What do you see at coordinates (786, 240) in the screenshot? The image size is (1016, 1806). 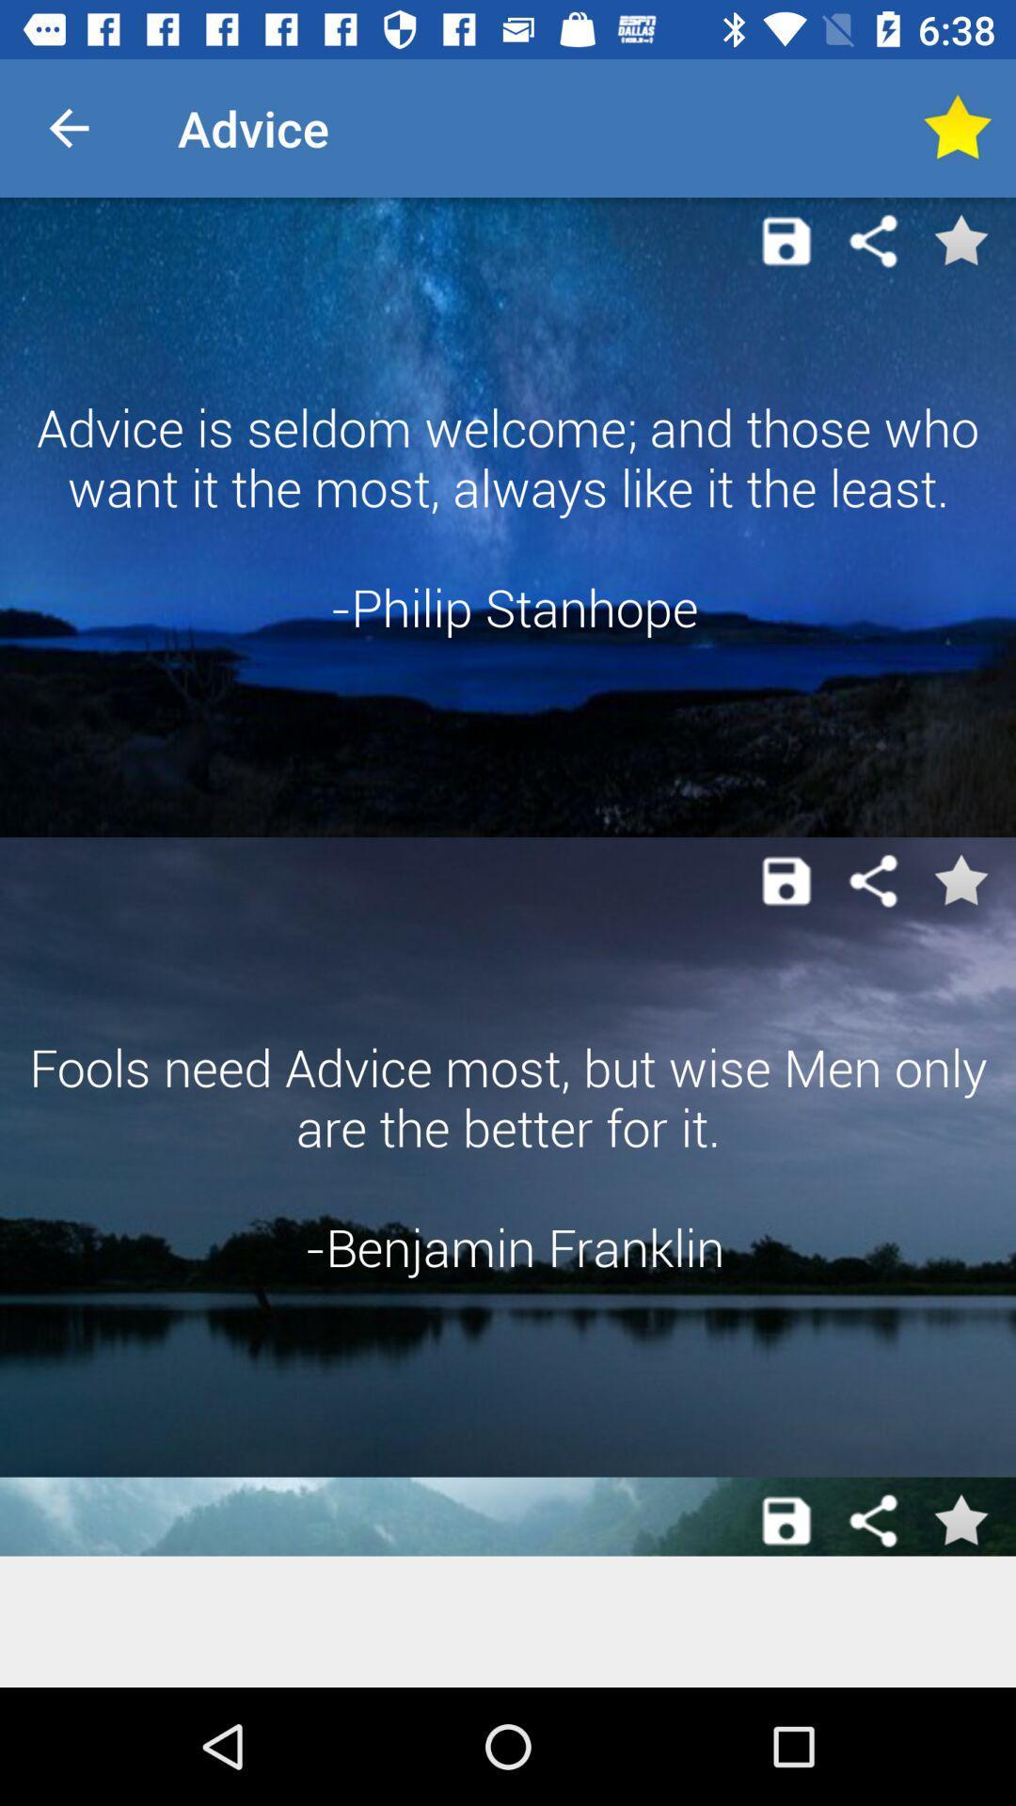 I see `item` at bounding box center [786, 240].